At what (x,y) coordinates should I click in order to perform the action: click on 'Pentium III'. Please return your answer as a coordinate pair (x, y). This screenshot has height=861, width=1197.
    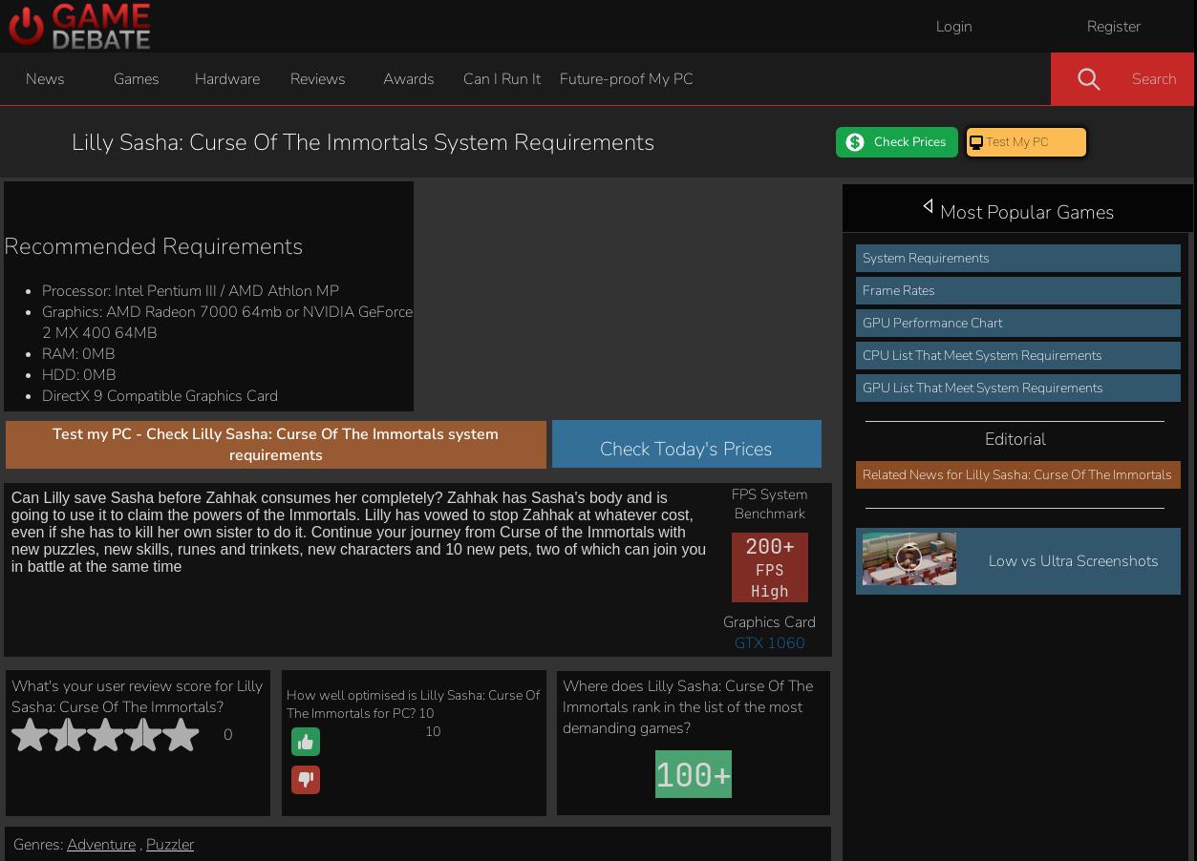
    Looking at the image, I should click on (597, 838).